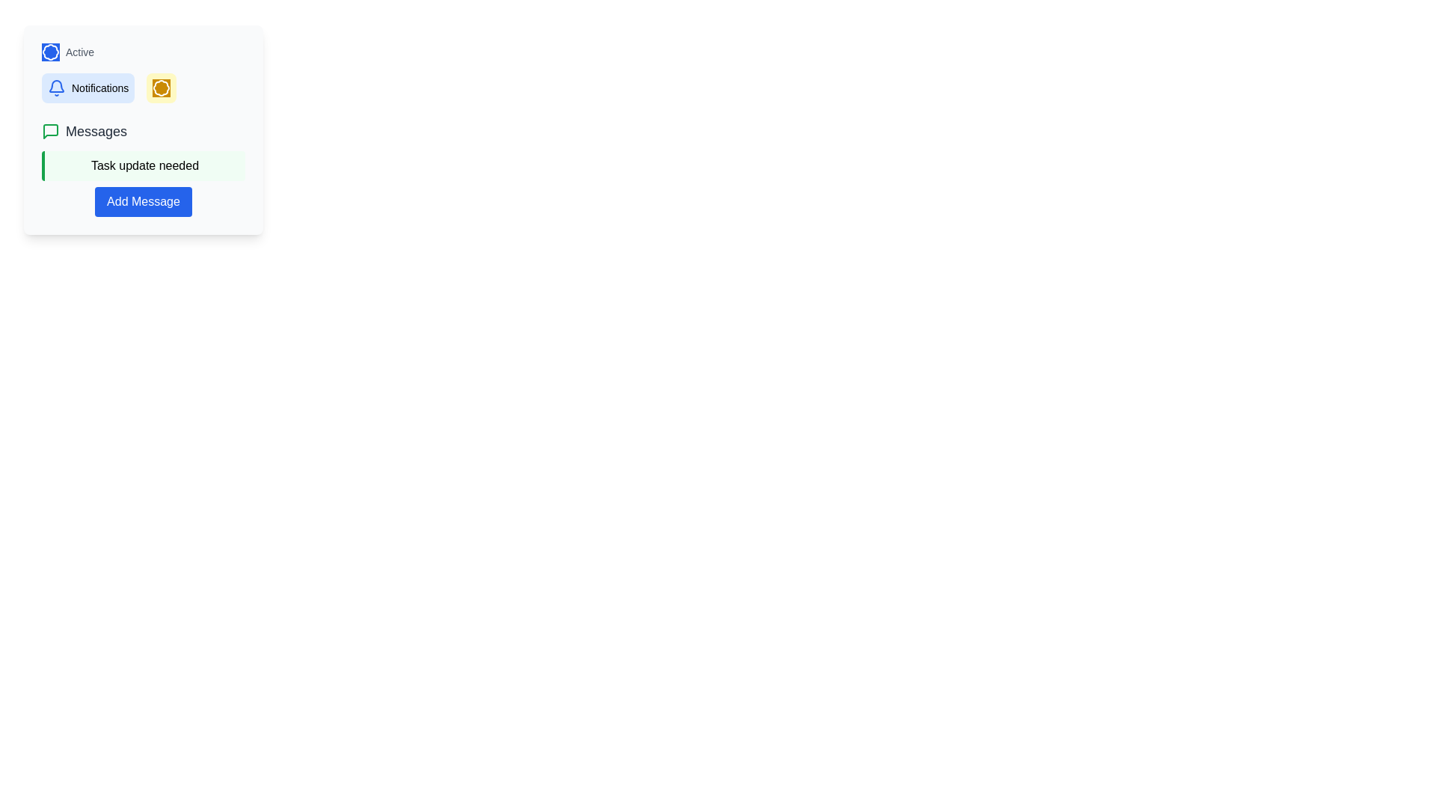 The height and width of the screenshot is (808, 1436). What do you see at coordinates (79, 51) in the screenshot?
I see `the Static text label that displays 'Active', located immediately to the right of the 'Dev Team' badge in the upper left side of the interface` at bounding box center [79, 51].